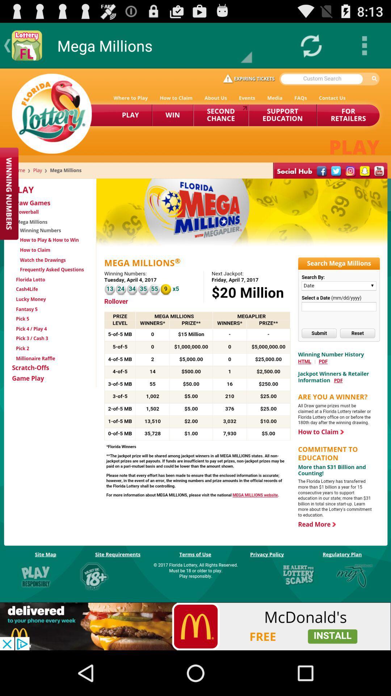 Image resolution: width=391 pixels, height=696 pixels. I want to click on install mcdonald 's app for unique offers, so click(195, 626).